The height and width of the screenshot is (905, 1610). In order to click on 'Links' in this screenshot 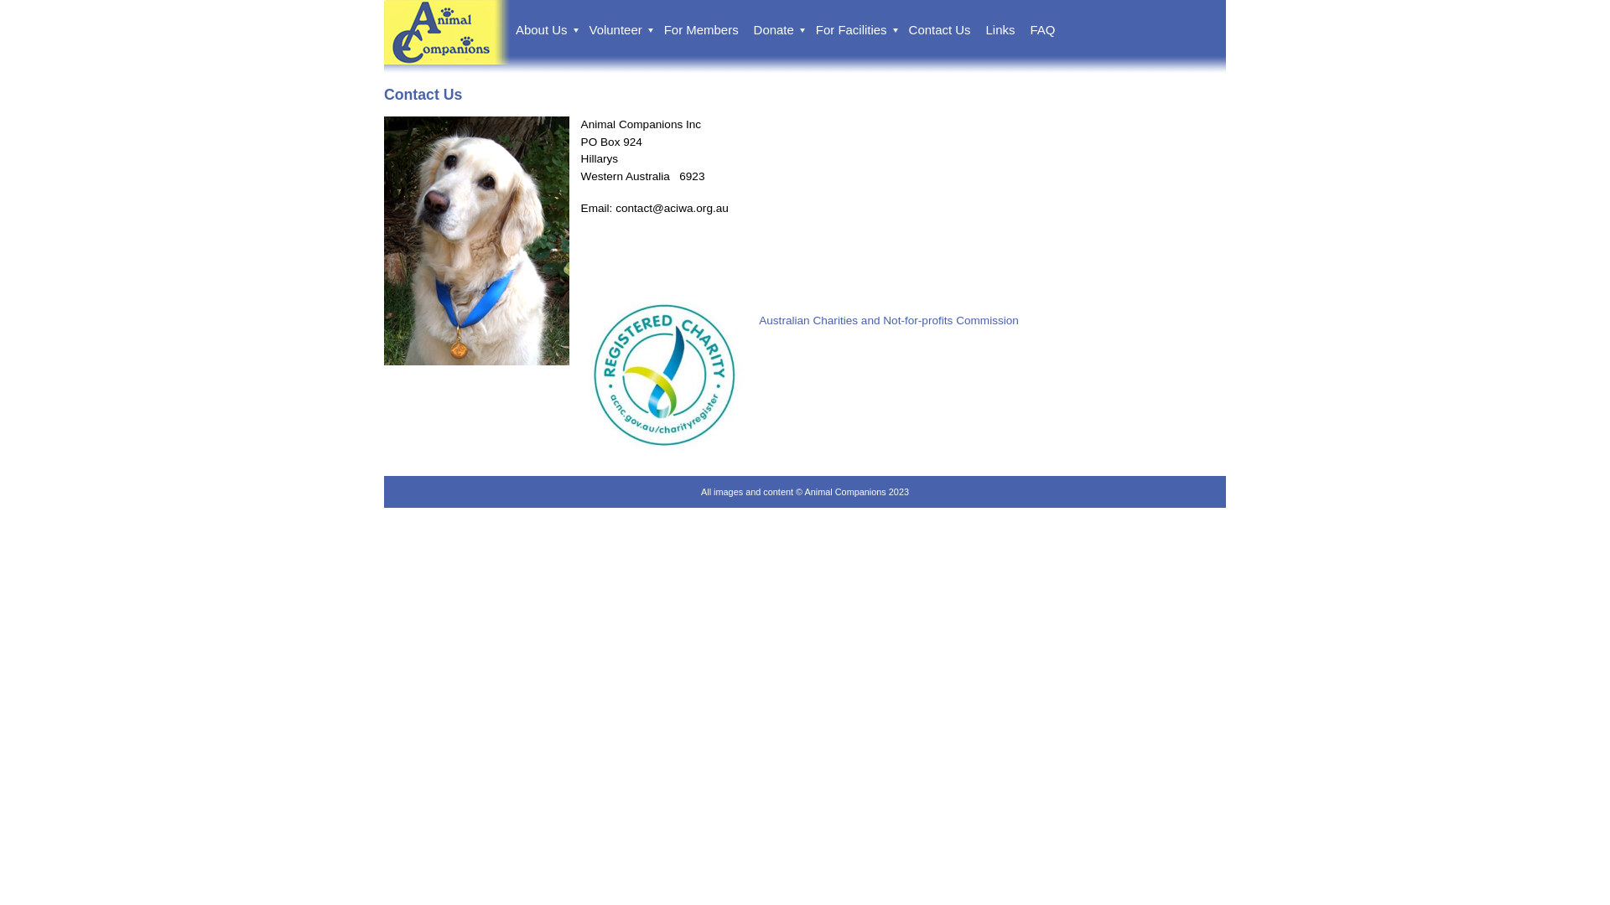, I will do `click(1002, 29)`.